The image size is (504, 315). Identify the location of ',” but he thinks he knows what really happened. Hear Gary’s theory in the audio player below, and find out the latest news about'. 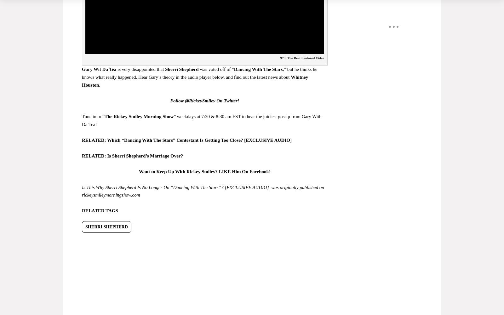
(199, 73).